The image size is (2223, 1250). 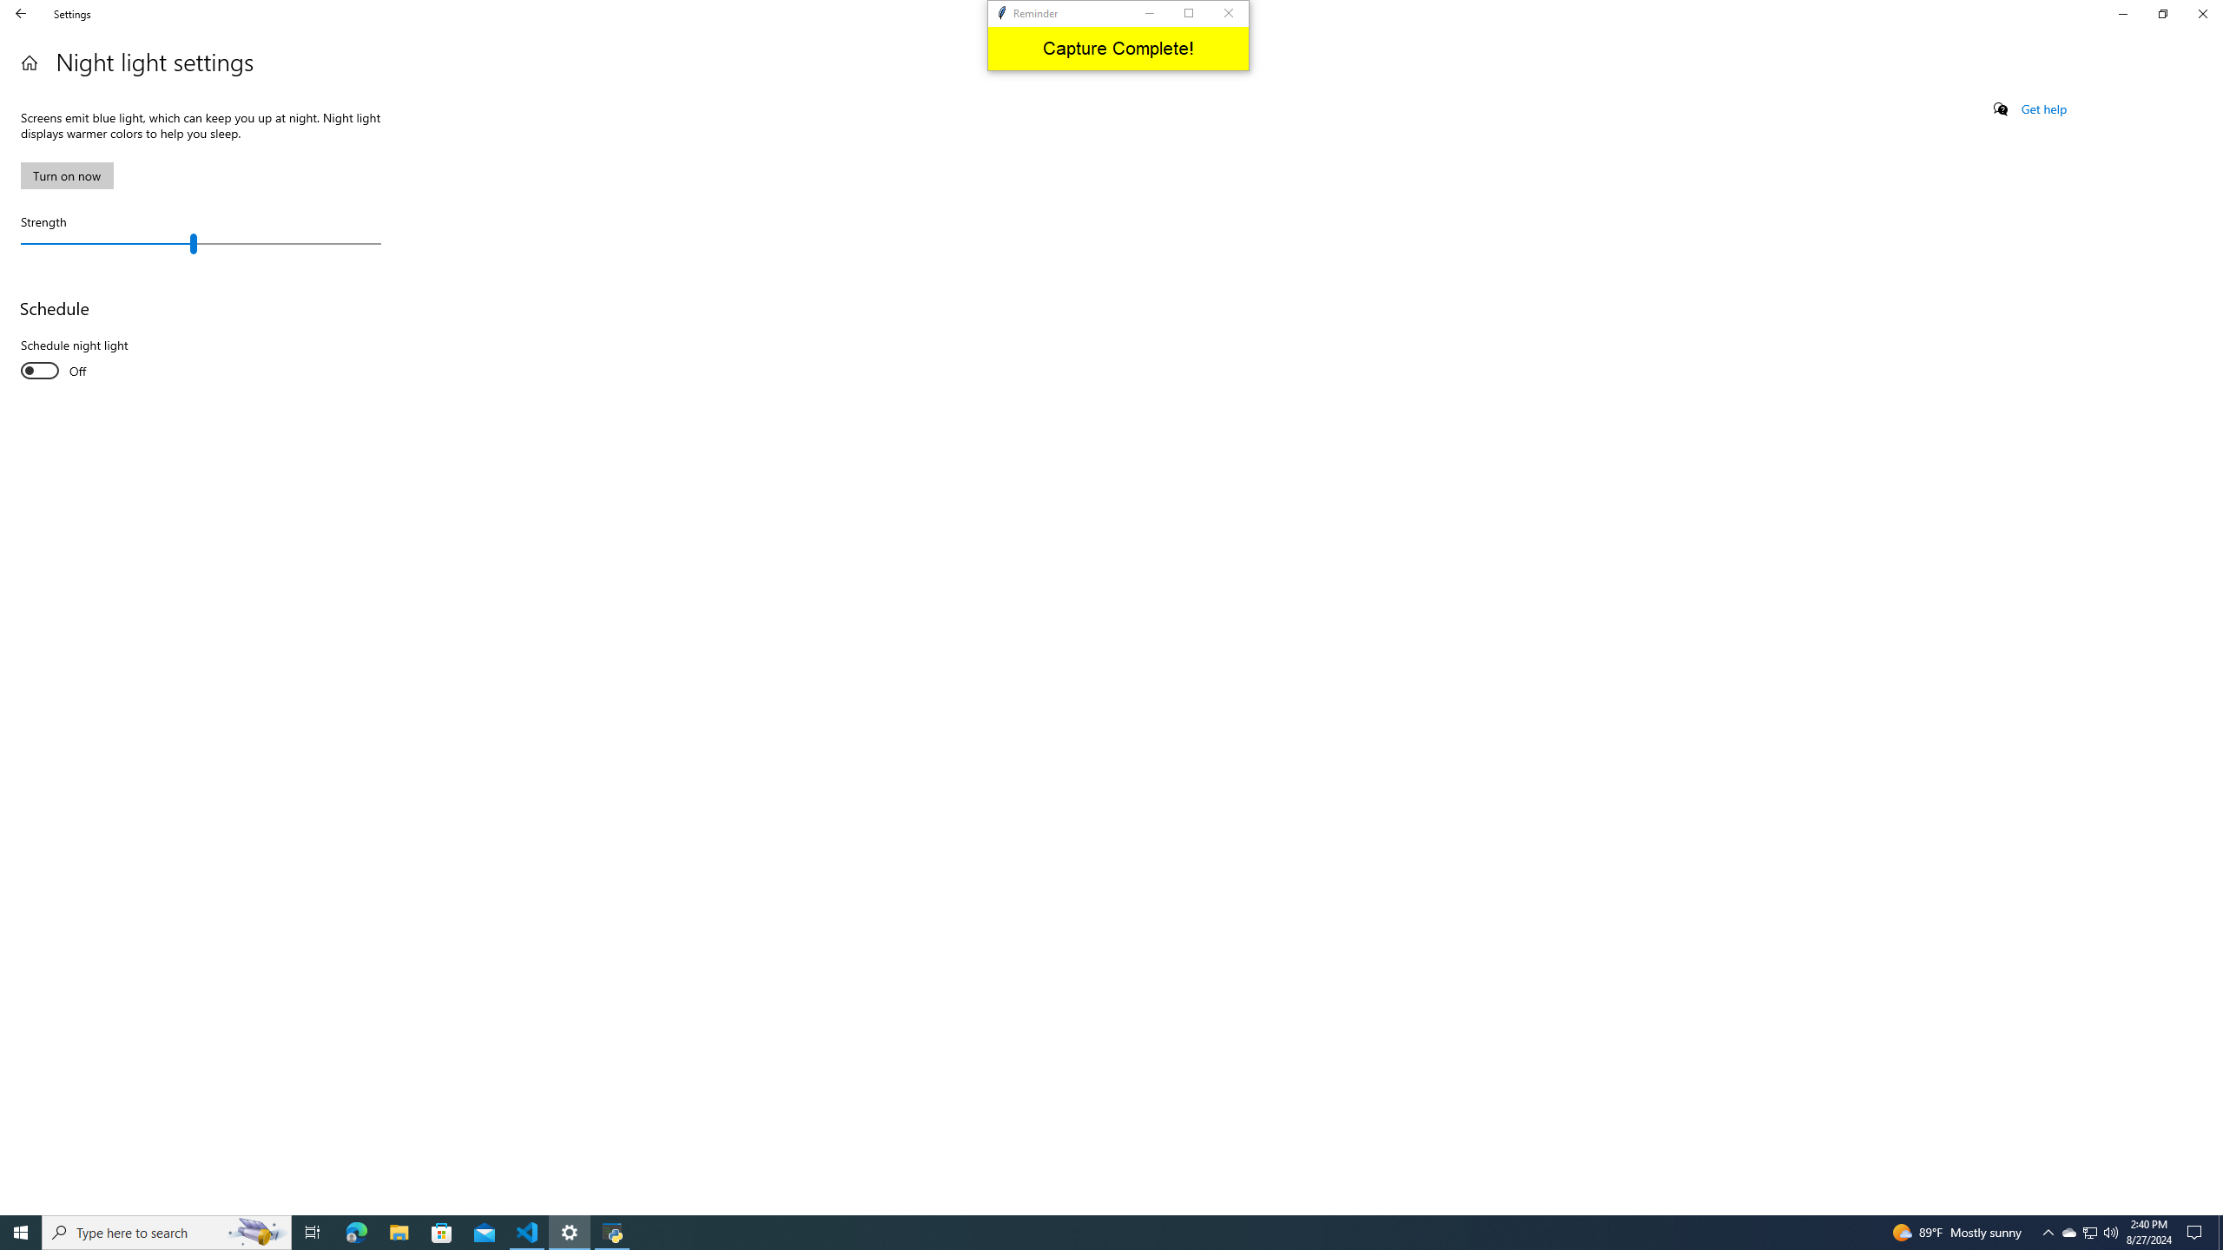 I want to click on 'Notification Chevron', so click(x=2048, y=1231).